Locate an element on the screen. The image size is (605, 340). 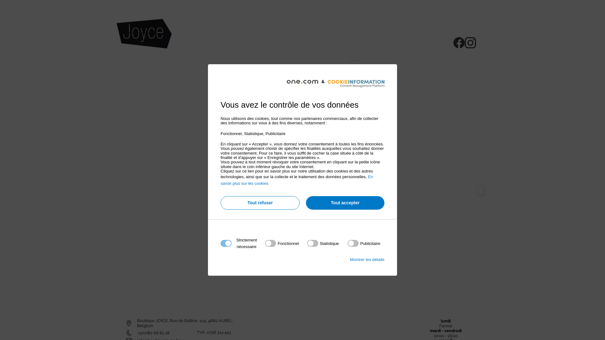
'Tout accepter' is located at coordinates (345, 203).